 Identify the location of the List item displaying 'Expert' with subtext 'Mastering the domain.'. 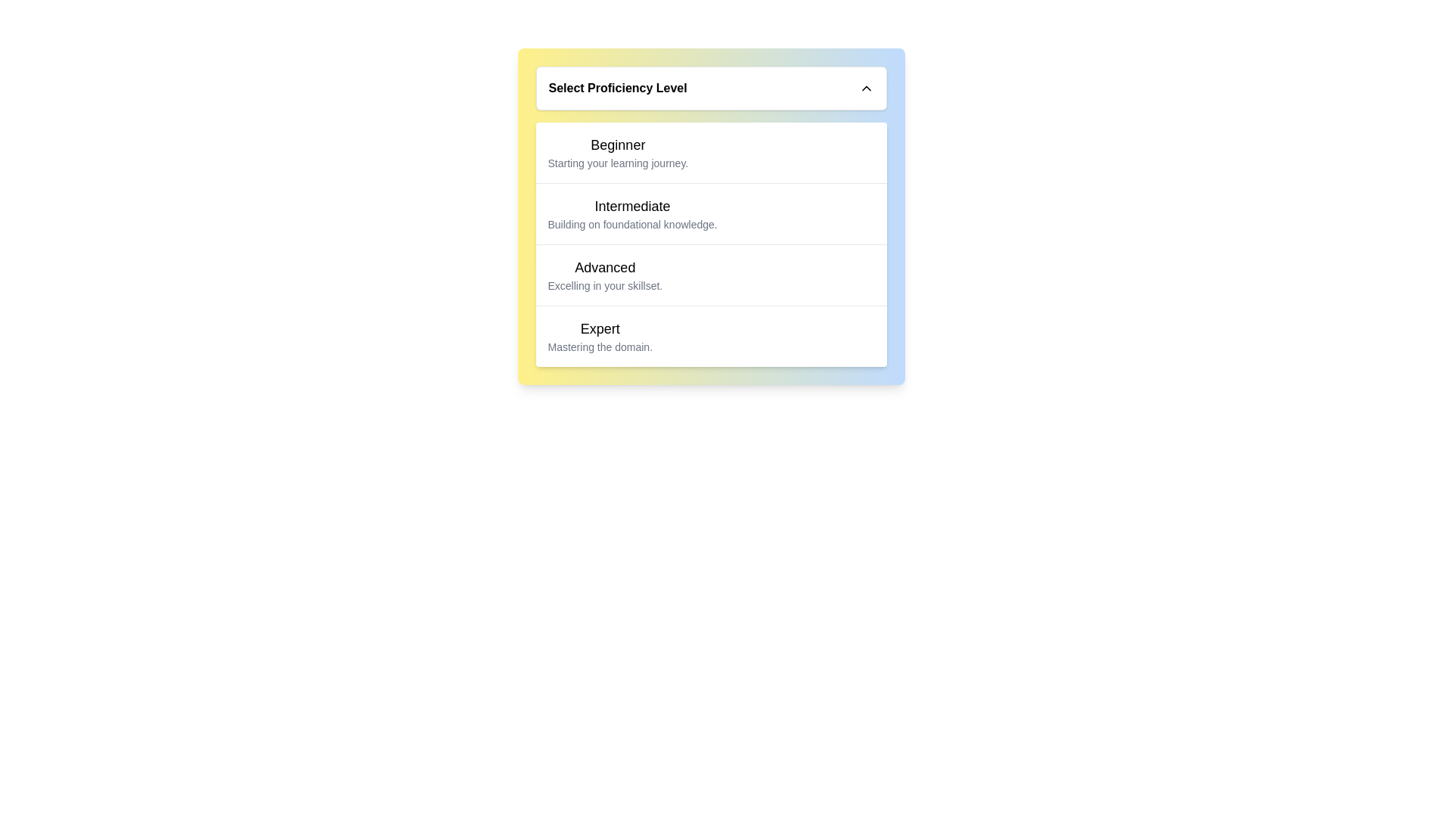
(599, 335).